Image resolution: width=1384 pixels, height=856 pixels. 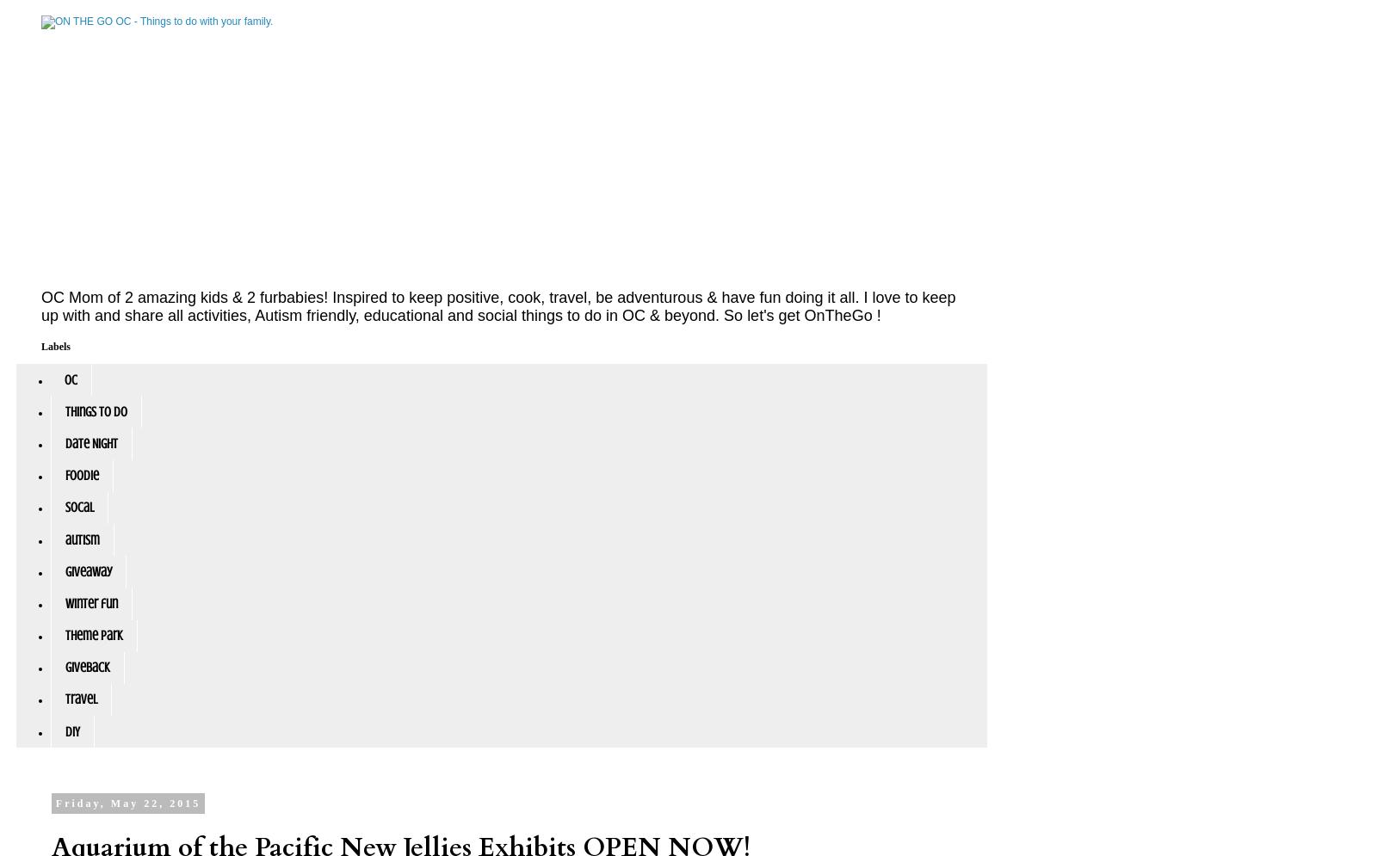 What do you see at coordinates (89, 570) in the screenshot?
I see `'giveaway'` at bounding box center [89, 570].